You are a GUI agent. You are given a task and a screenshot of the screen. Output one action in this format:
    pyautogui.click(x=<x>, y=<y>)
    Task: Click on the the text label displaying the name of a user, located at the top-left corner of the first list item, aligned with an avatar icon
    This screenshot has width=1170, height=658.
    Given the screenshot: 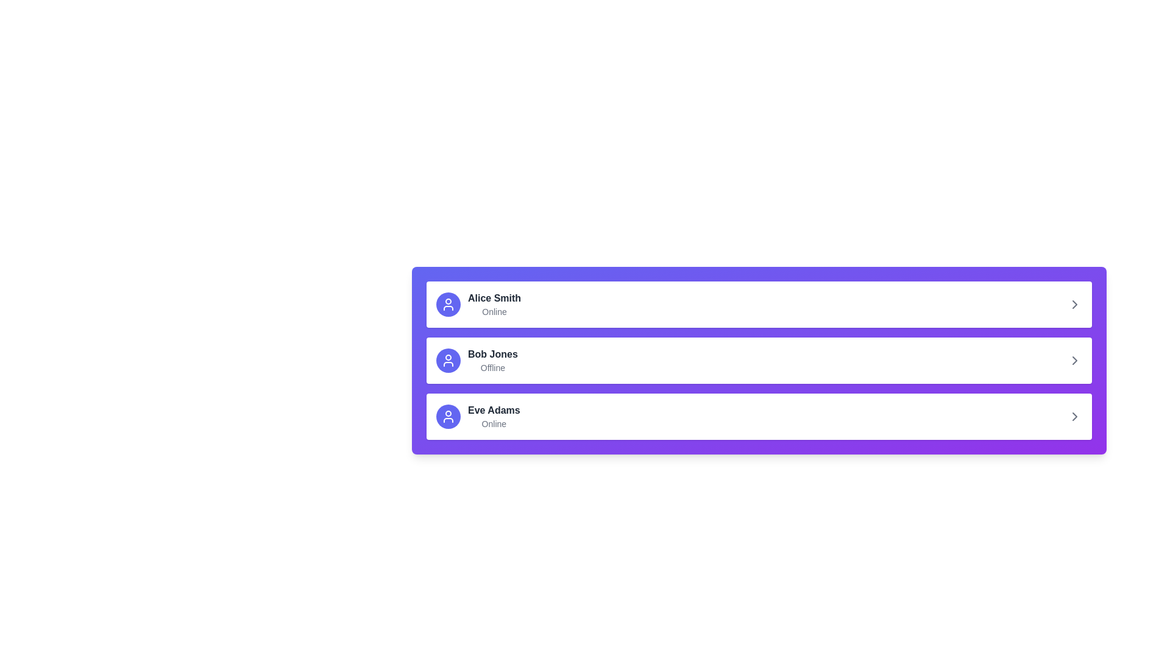 What is the action you would take?
    pyautogui.click(x=494, y=298)
    